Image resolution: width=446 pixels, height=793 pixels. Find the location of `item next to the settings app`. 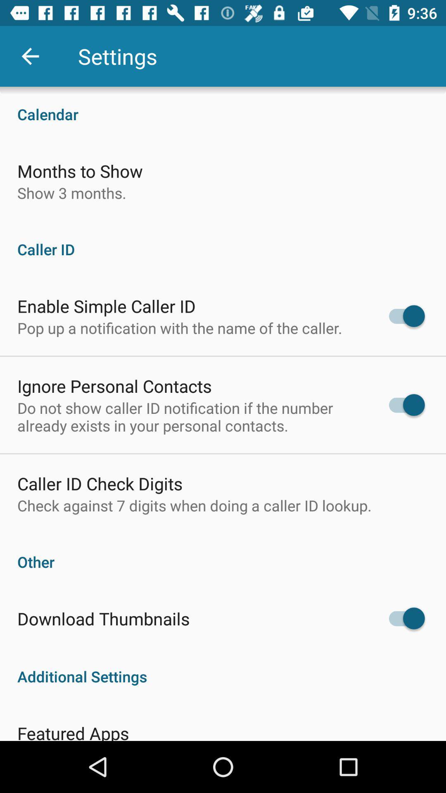

item next to the settings app is located at coordinates (30, 56).